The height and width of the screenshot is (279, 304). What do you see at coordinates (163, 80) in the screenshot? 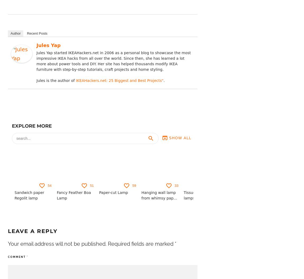
I see `'.'` at bounding box center [163, 80].